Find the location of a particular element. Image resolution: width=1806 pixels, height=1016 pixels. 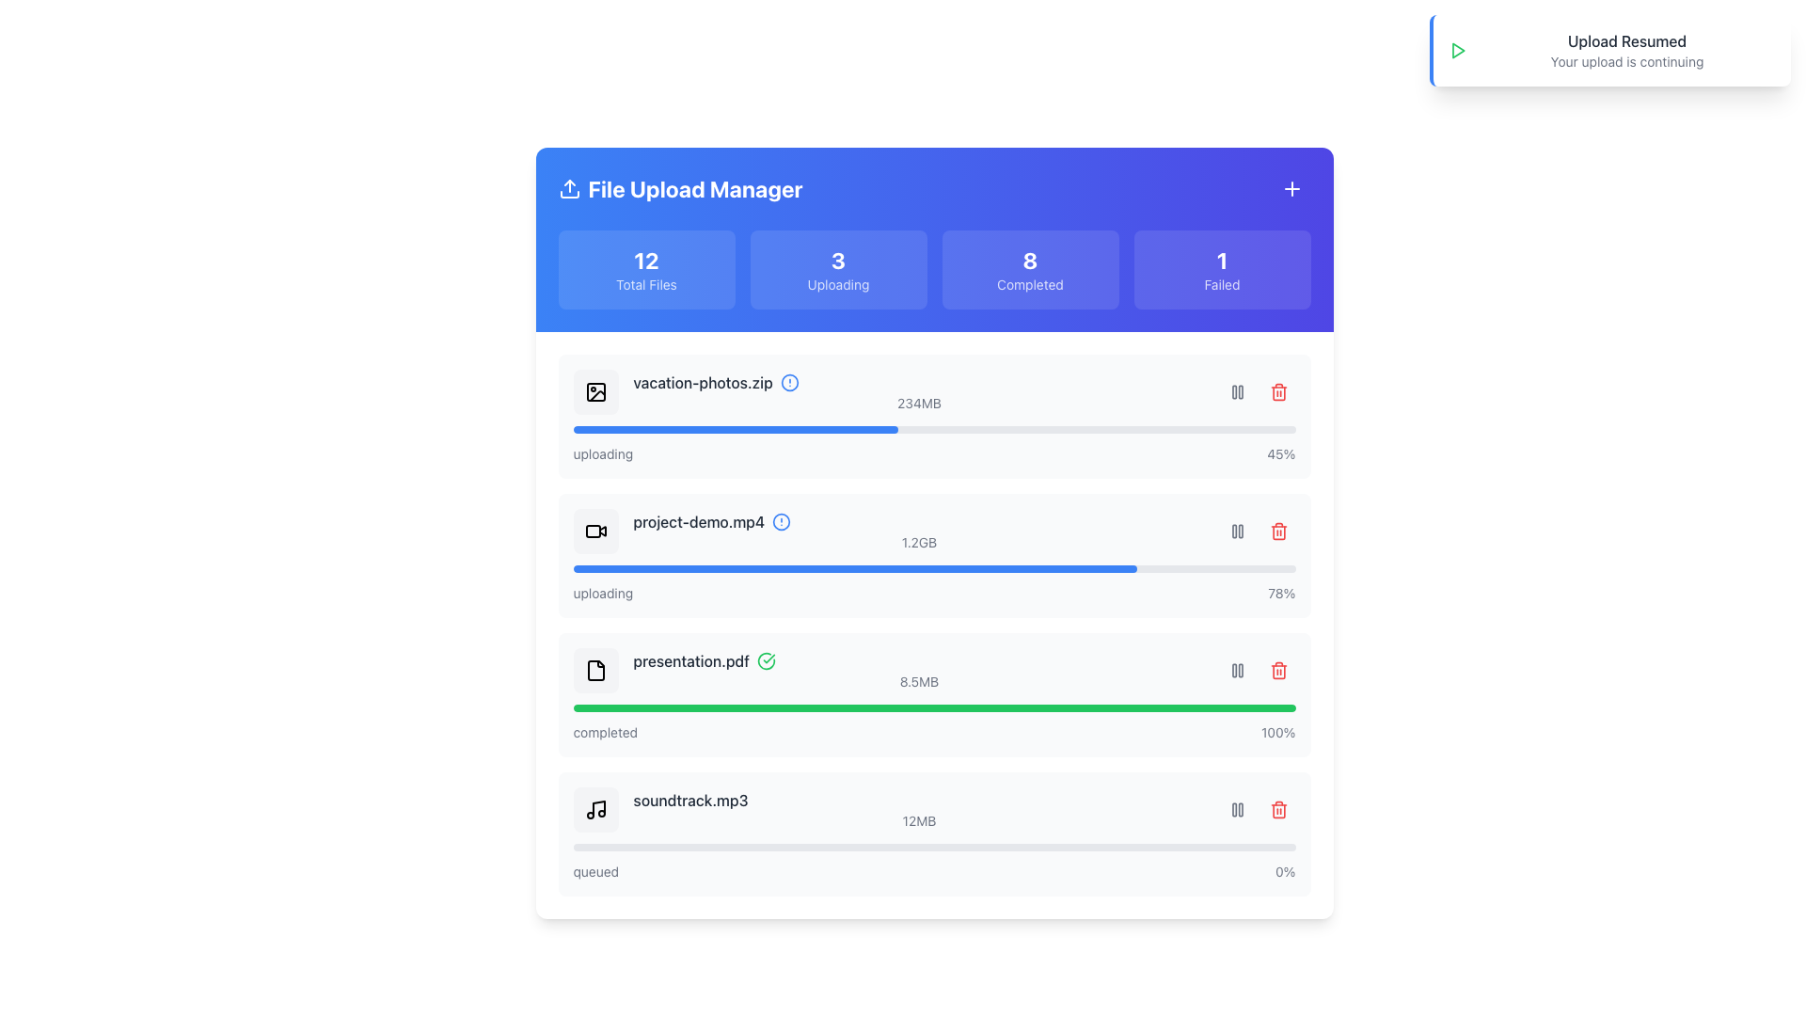

the progress bar element that indicates a completed status, styled with a light gray background and a bright green foreground line, located under the 'presentation.pdf 8.5MB completed 100%' section, specifically the third progress bar from the top is located at coordinates (934, 707).